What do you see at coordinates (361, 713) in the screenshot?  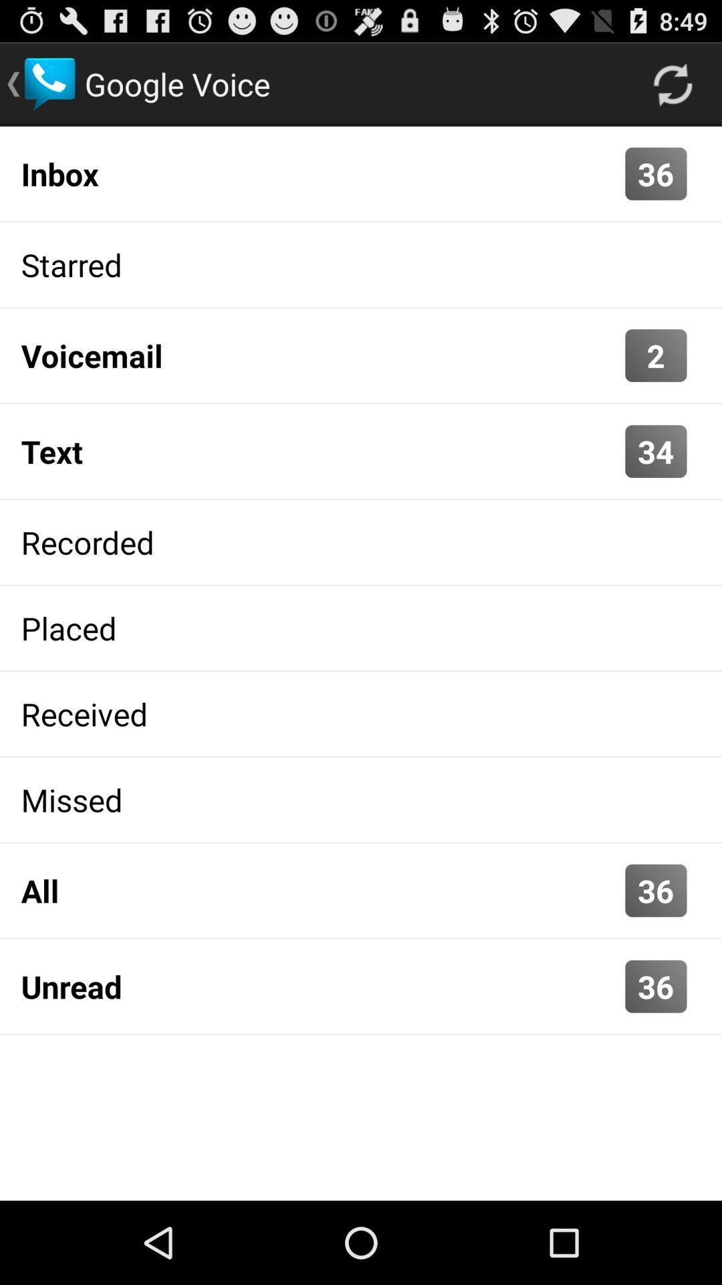 I see `received icon` at bounding box center [361, 713].